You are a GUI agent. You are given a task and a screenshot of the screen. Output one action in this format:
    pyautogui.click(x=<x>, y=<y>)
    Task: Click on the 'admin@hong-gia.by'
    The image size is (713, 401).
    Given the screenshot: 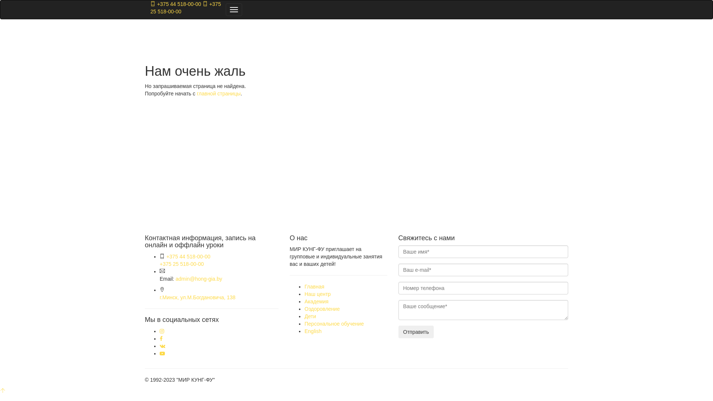 What is the action you would take?
    pyautogui.click(x=175, y=279)
    